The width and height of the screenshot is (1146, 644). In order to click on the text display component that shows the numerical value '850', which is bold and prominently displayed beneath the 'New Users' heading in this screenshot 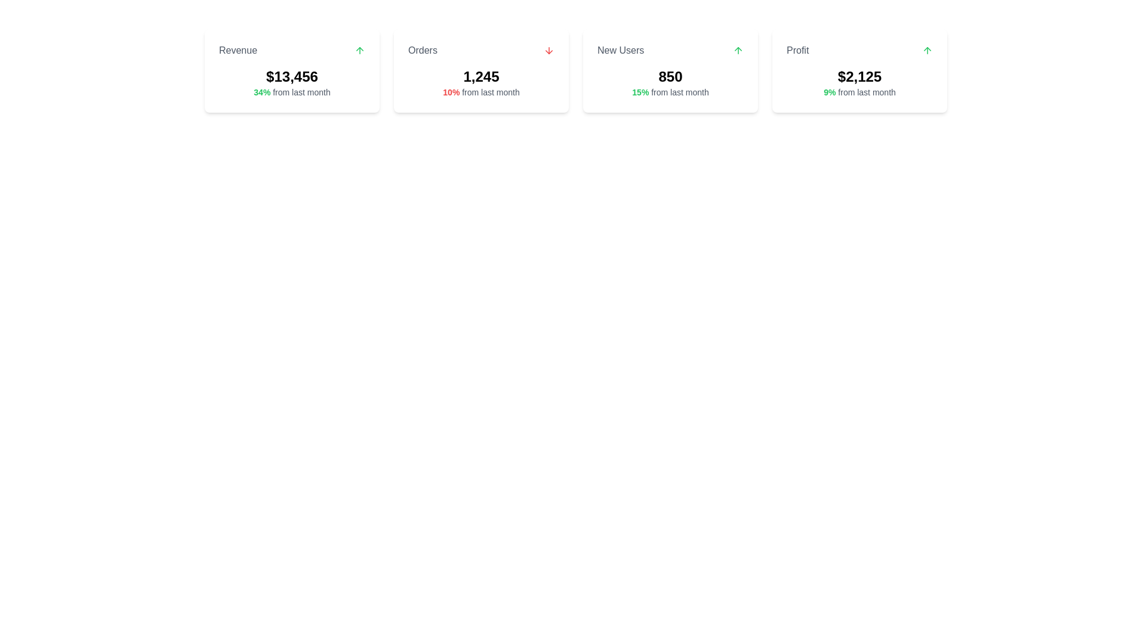, I will do `click(670, 76)`.